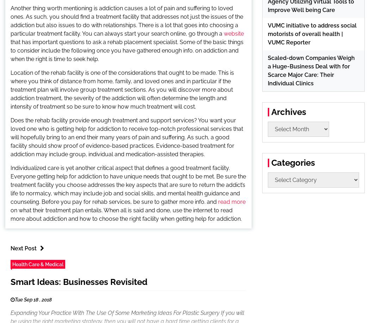 This screenshot has width=370, height=323. Describe the element at coordinates (127, 20) in the screenshot. I see `'Another thing worth mentioning is addiction causes a lot of pain and suffering to loved ones. As such, you should find a treatment facility that addresses not just the issues of the addiction but also issues to do with relationships. There is a lot that goes into choosing a particular treatment facility. You can always start your search online, go through a'` at that location.